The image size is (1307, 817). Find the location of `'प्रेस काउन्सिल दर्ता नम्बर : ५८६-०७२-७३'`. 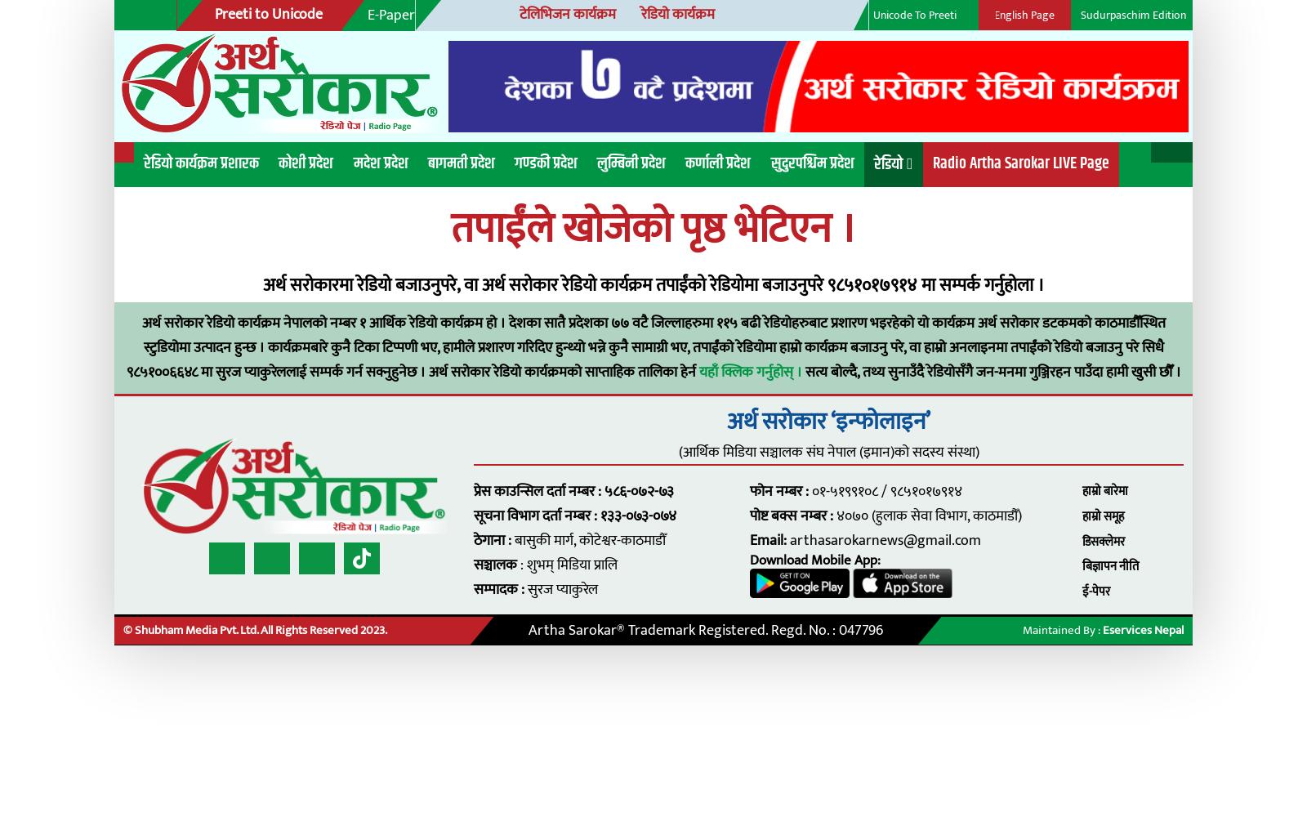

'प्रेस काउन्सिल दर्ता नम्बर : ५८६-०७२-७३' is located at coordinates (521, 446).